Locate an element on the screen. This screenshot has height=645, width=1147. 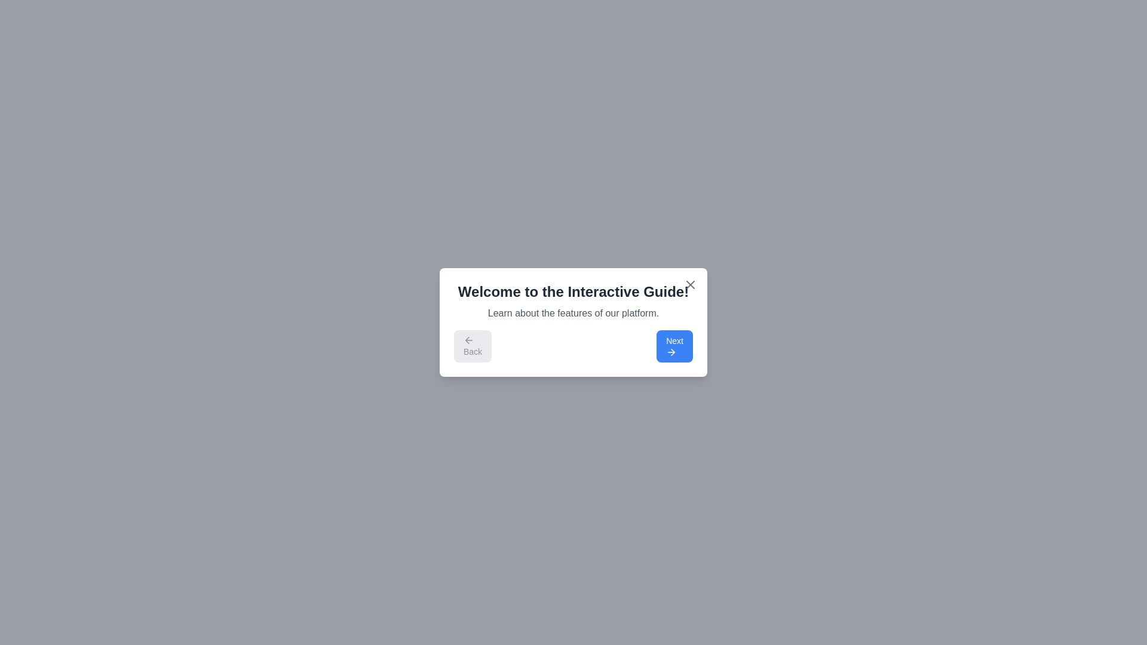
the static text header that introduces users to the interactive guide, located at the top of the card-like interface, above the text 'Learn about the features of our platform.' is located at coordinates (573, 292).